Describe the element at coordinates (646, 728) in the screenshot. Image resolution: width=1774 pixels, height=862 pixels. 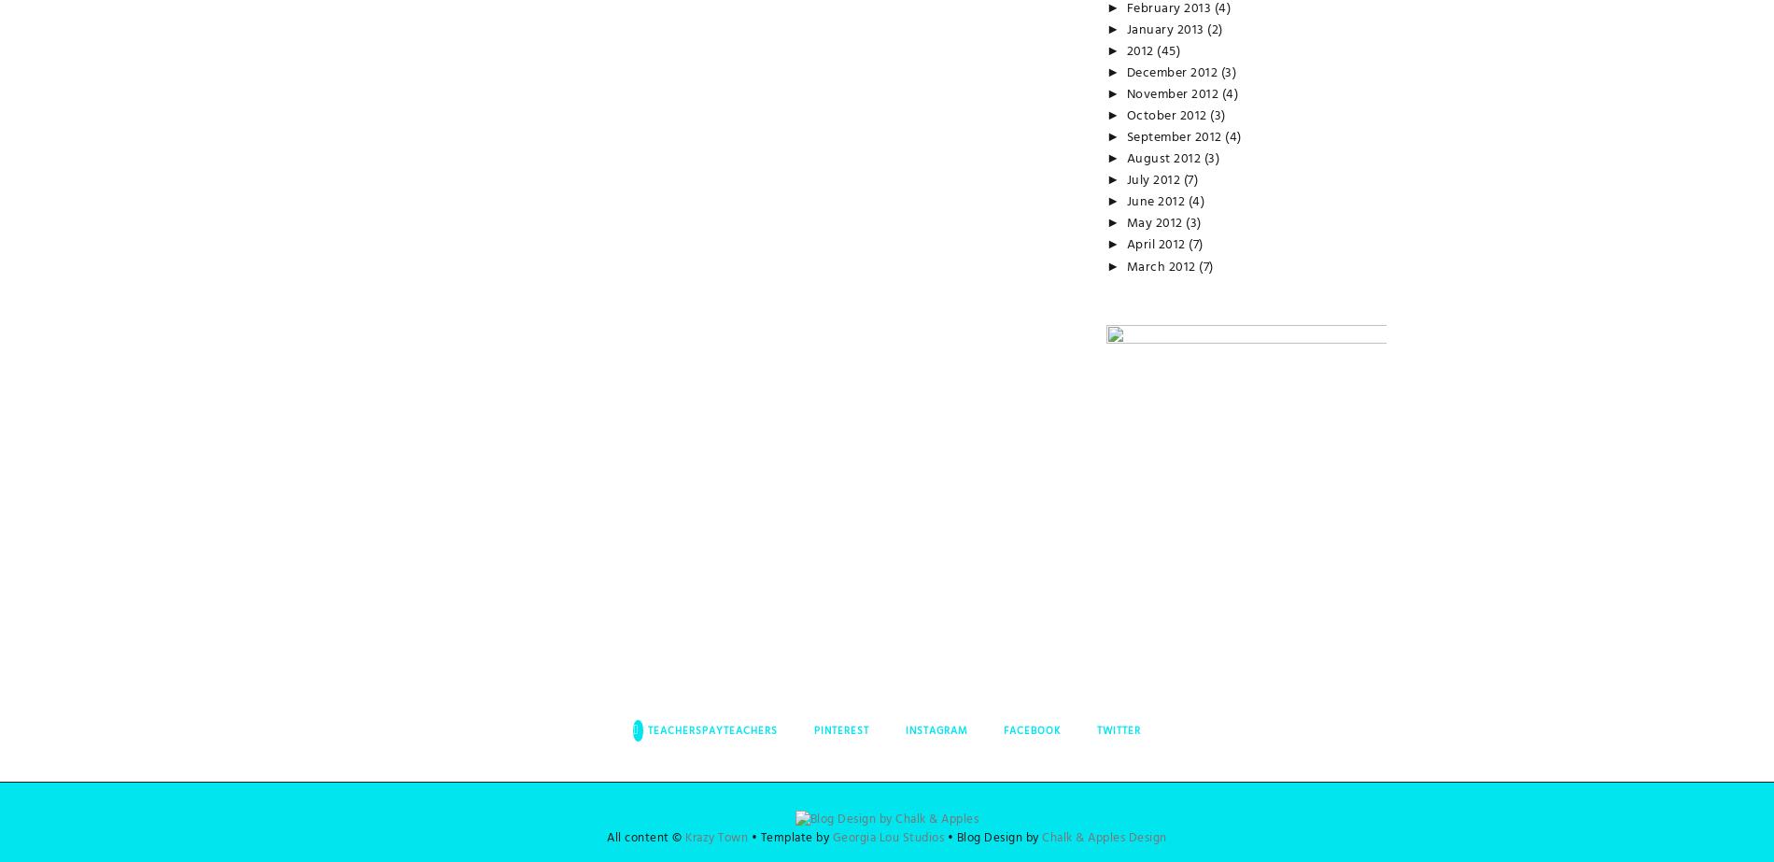
I see `'TeachersPayTeachers'` at that location.